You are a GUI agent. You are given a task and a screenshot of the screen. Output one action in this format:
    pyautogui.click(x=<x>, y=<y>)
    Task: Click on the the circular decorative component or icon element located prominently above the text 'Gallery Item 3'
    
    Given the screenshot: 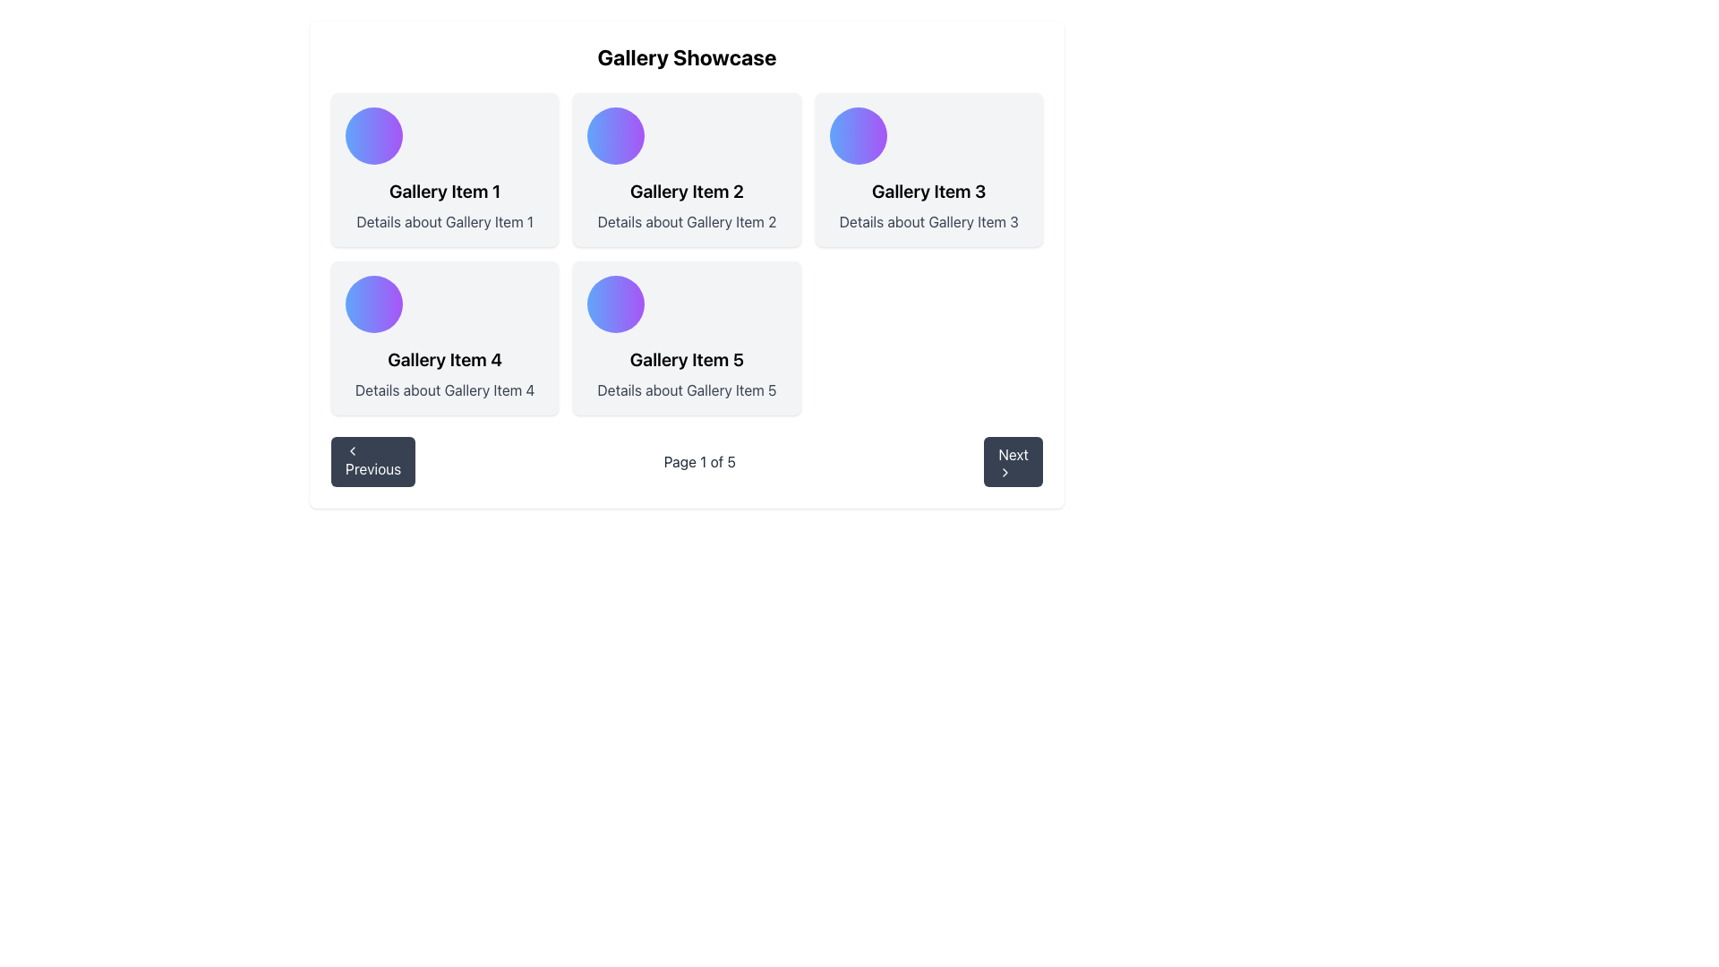 What is the action you would take?
    pyautogui.click(x=857, y=134)
    